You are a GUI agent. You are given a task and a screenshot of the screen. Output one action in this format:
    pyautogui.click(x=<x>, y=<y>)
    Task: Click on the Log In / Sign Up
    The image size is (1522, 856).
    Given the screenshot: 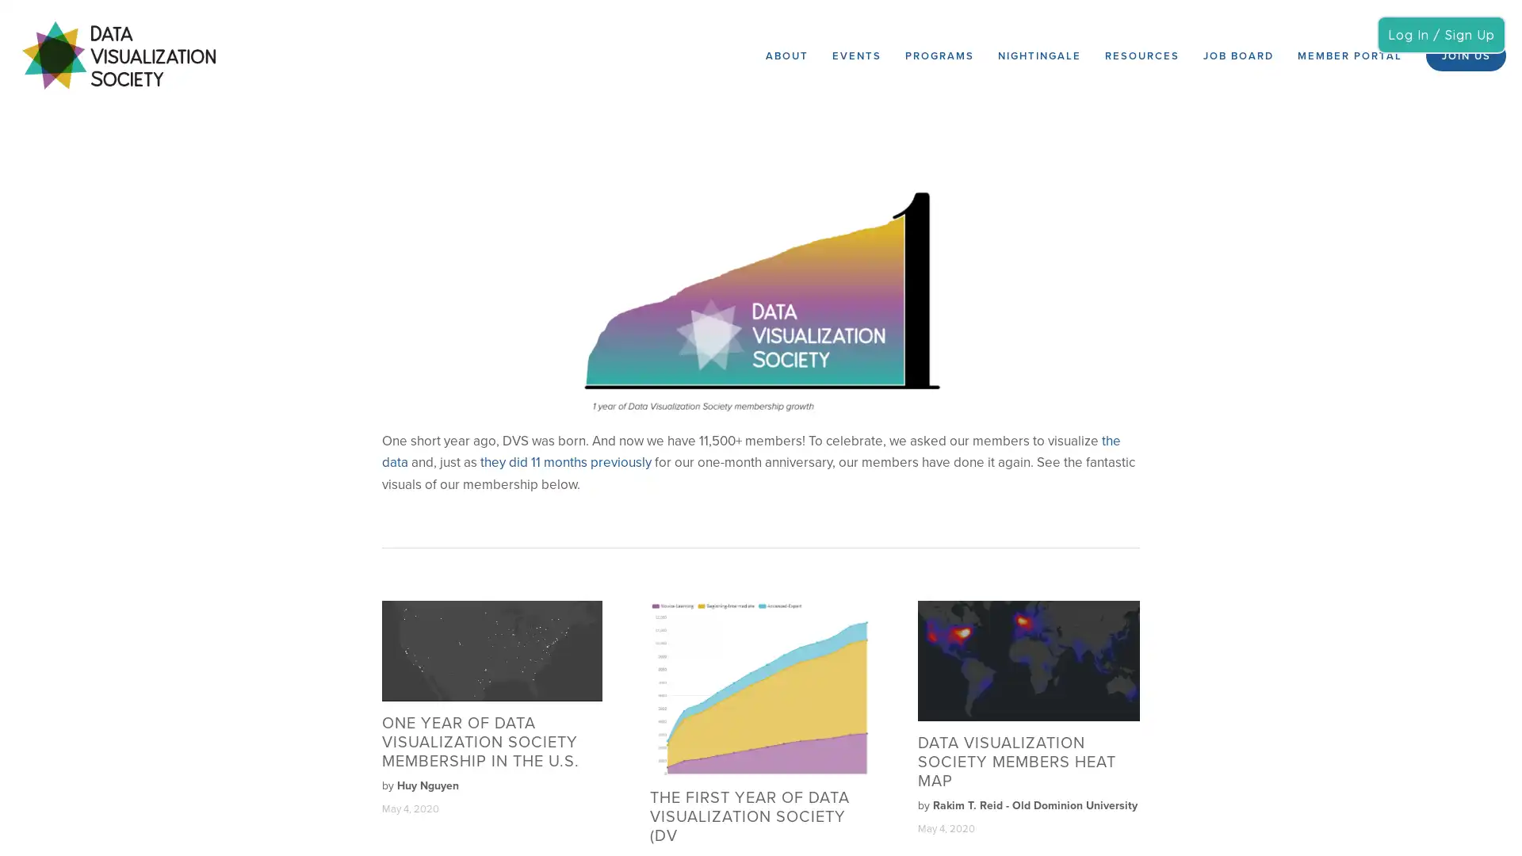 What is the action you would take?
    pyautogui.click(x=1441, y=34)
    